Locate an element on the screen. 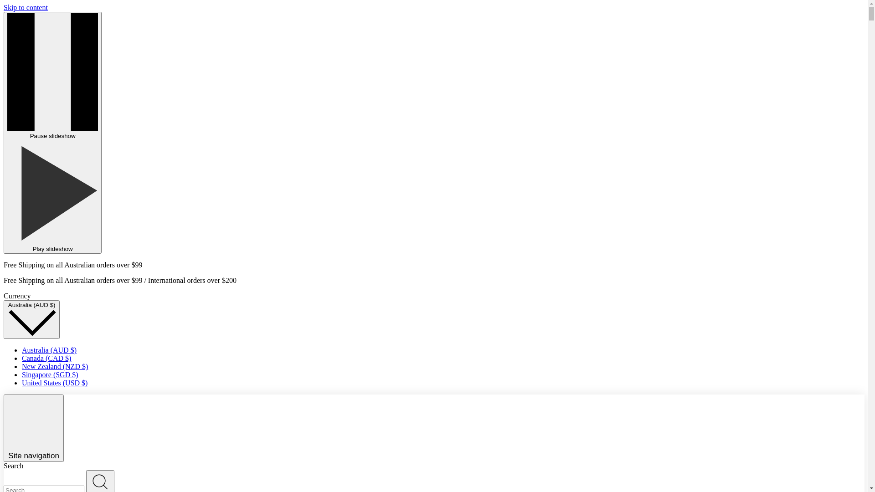 The image size is (875, 492). 'United States (USD $)' is located at coordinates (54, 383).